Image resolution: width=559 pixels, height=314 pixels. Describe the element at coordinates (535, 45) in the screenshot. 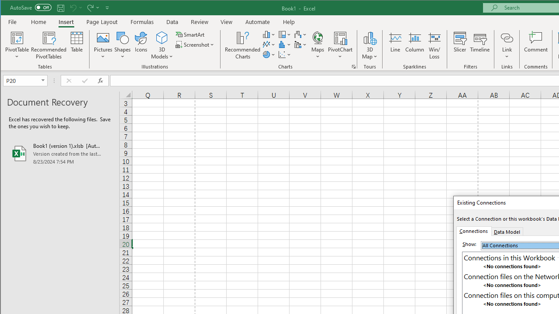

I see `'Comment'` at that location.